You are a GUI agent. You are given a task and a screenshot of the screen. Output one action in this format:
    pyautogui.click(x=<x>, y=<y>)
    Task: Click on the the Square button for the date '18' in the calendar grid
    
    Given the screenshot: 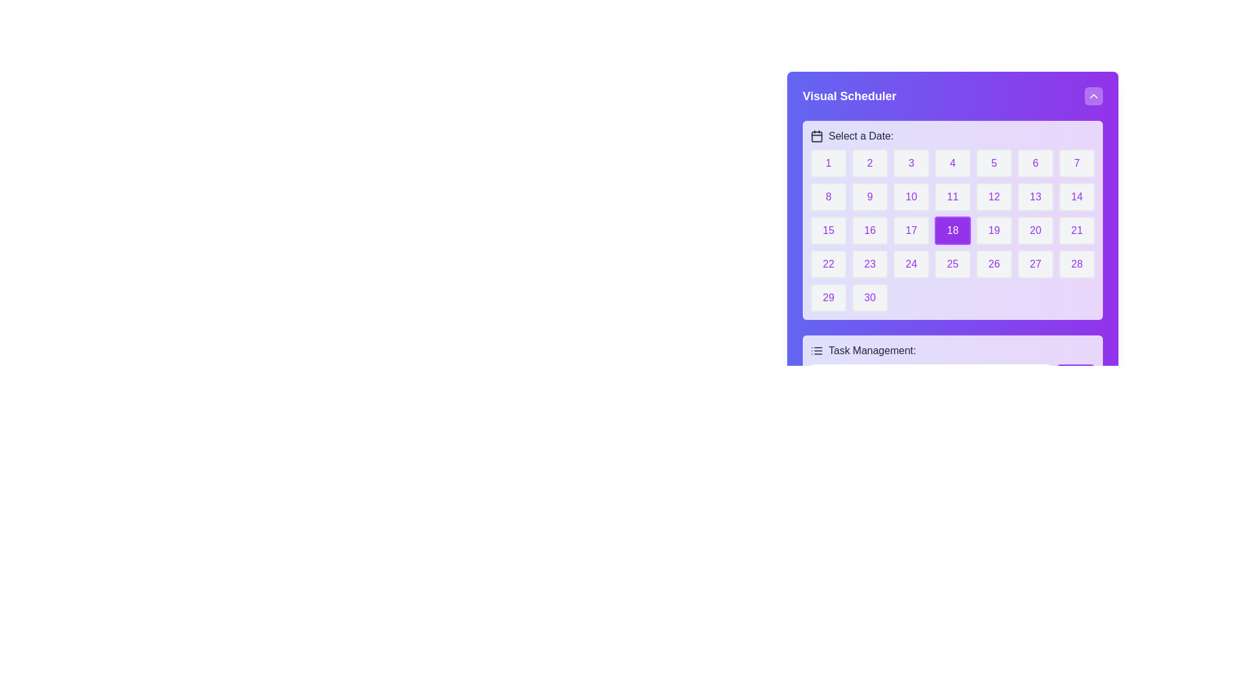 What is the action you would take?
    pyautogui.click(x=953, y=210)
    